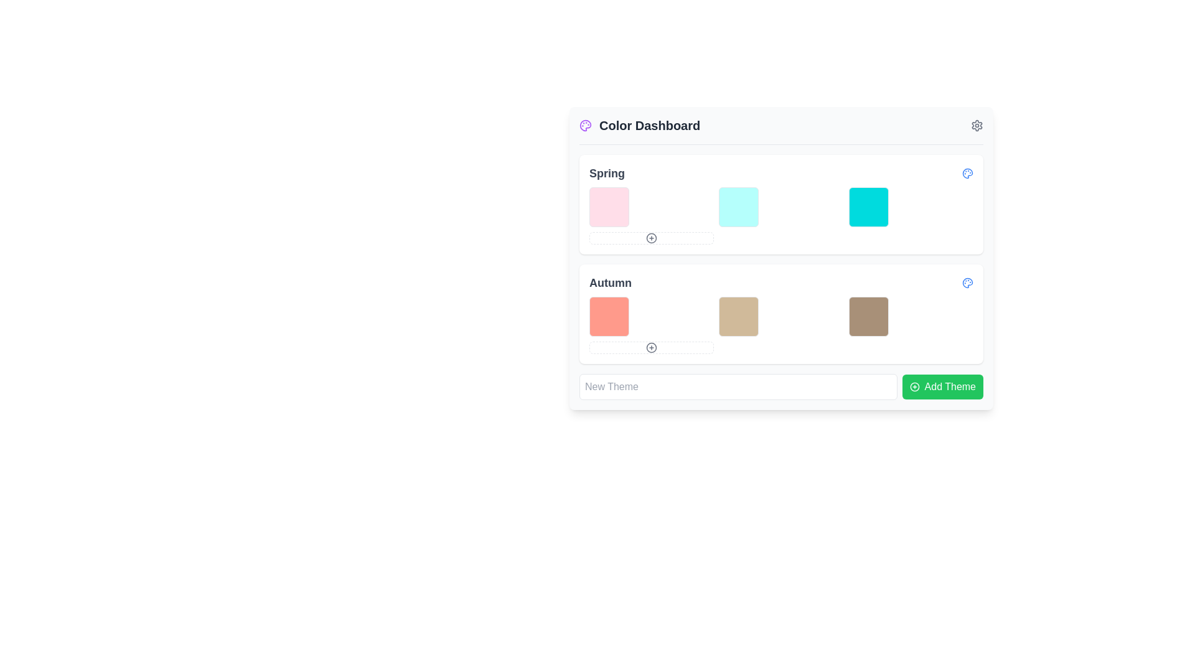 The image size is (1195, 672). What do you see at coordinates (651, 348) in the screenshot?
I see `the circular plus icon button located in the 'Autumn' section, which is styled with a stroke outline and is the only circular icon present` at bounding box center [651, 348].